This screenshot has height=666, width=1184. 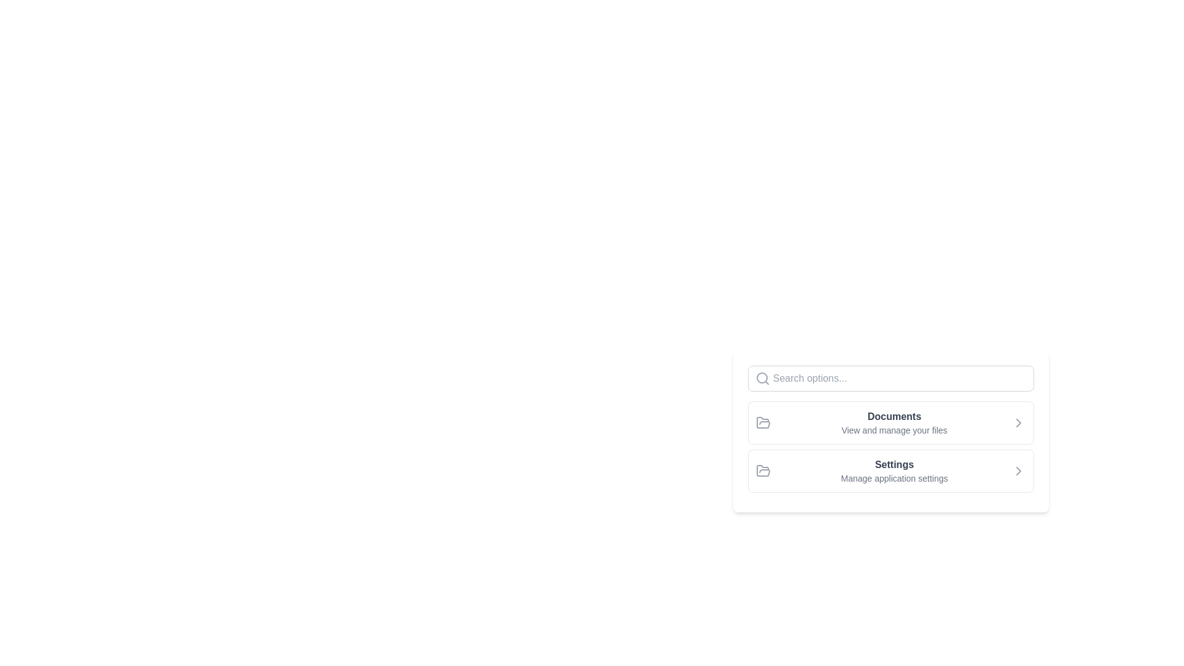 What do you see at coordinates (894, 422) in the screenshot?
I see `the navigational link text block located below the search bar, adjacent to the open folder icon and the chevron` at bounding box center [894, 422].